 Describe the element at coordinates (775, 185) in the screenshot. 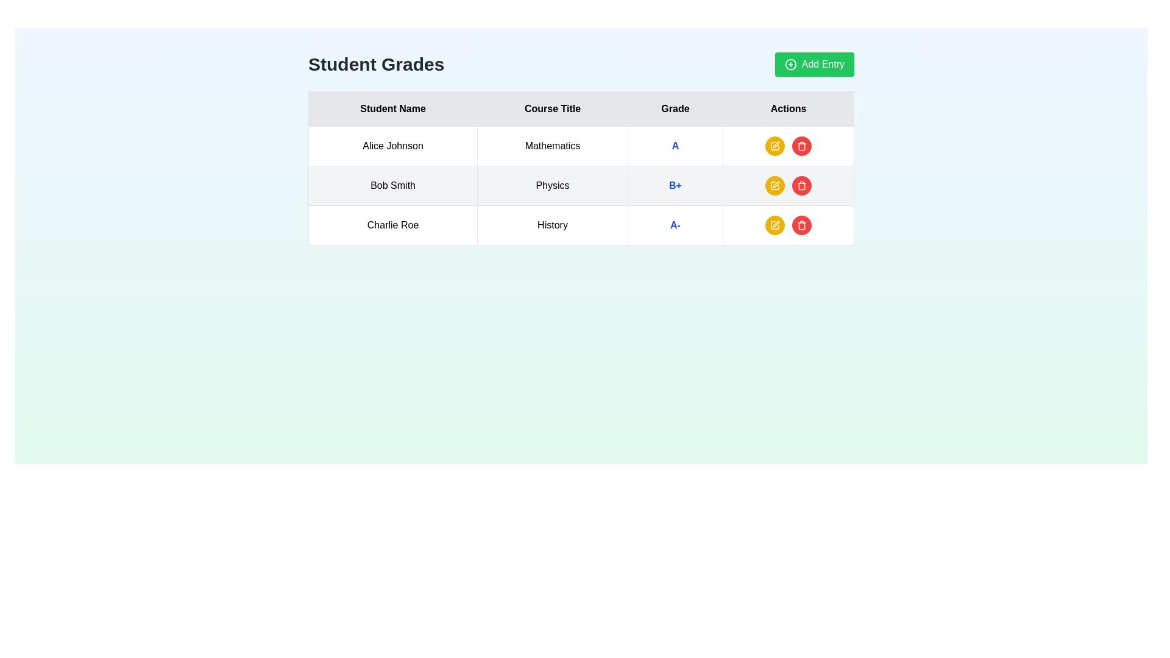

I see `the yellow circular edit icon located under the 'Actions' column in the 'Physics' row of the table` at that location.